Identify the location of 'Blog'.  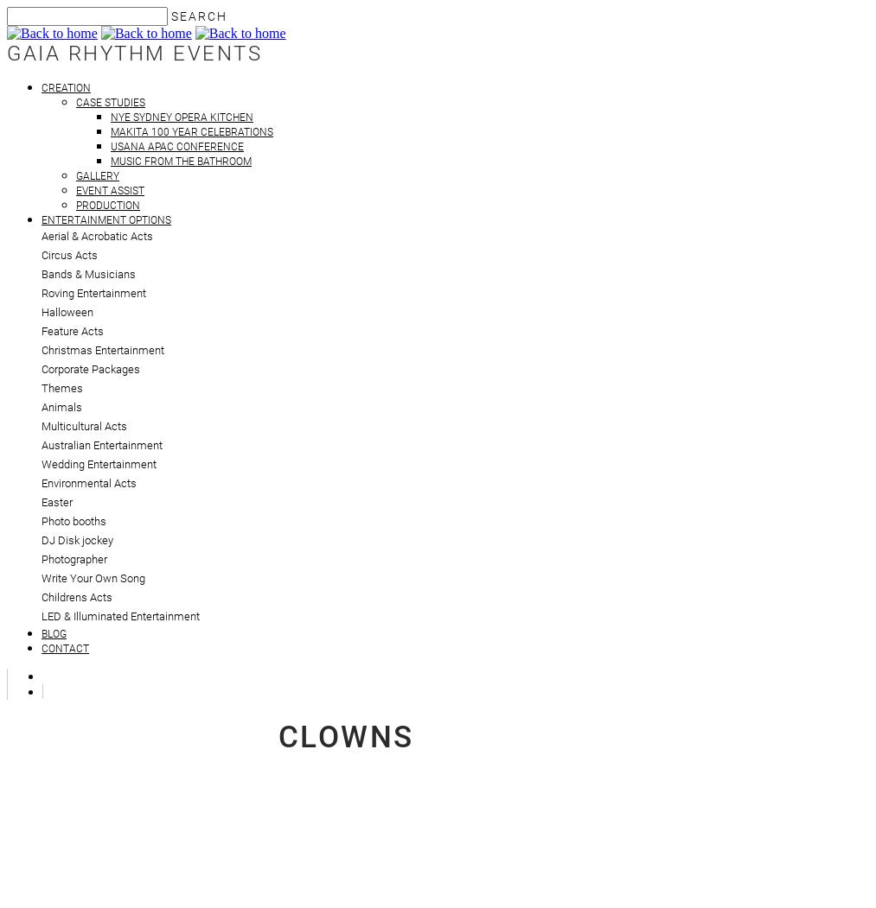
(53, 634).